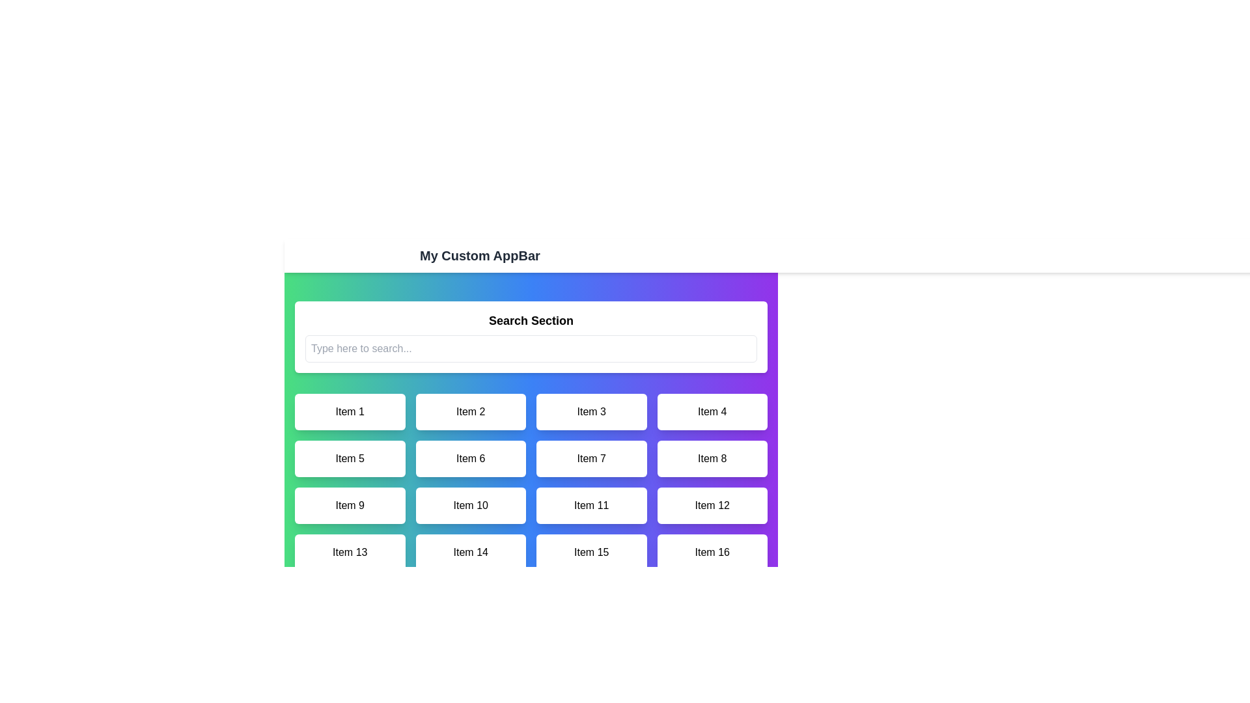  Describe the element at coordinates (531, 348) in the screenshot. I see `the search field and type the desired text` at that location.